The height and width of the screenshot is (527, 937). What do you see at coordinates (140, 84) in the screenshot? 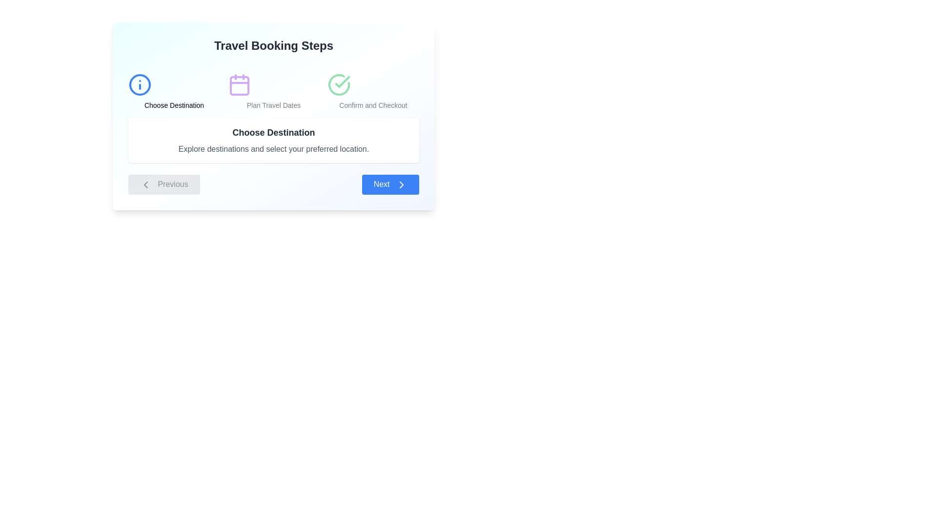
I see `the decorative icon in the leftmost section of the horizontal three-part 'Choose Destination' step indicator` at bounding box center [140, 84].